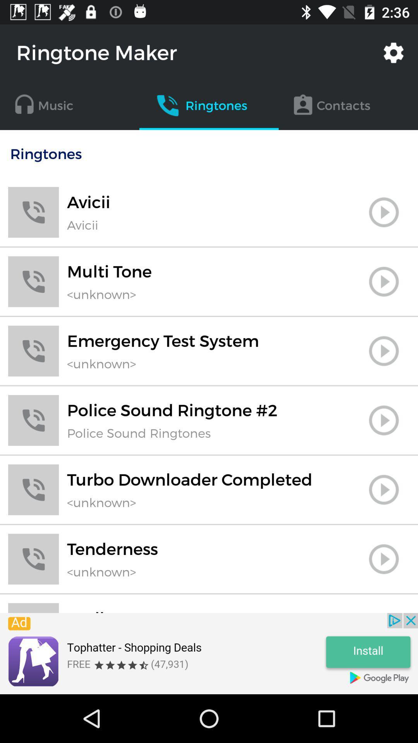 The height and width of the screenshot is (743, 418). Describe the element at coordinates (384, 212) in the screenshot. I see `ringtone` at that location.